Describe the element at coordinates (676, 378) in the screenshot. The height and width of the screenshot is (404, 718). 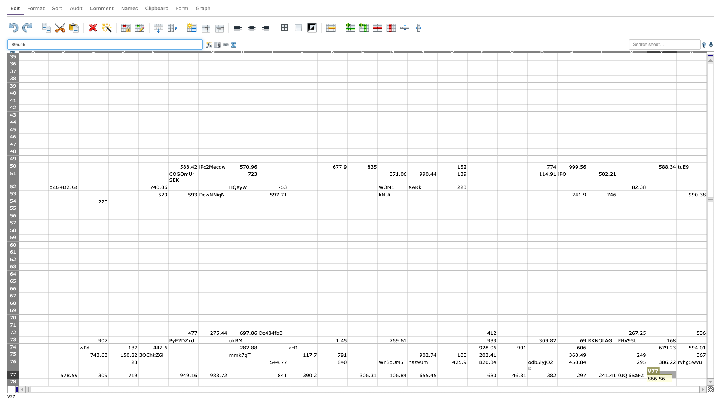
I see `Top left corner of W-78` at that location.